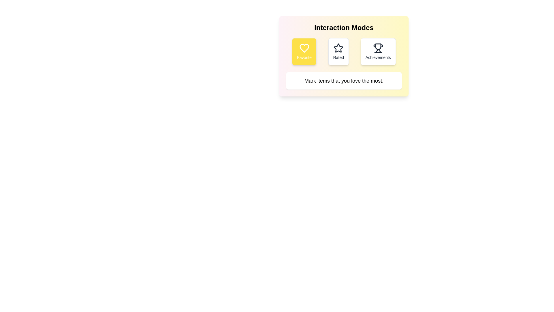 This screenshot has height=312, width=554. What do you see at coordinates (304, 51) in the screenshot?
I see `the Favorite button to select the corresponding mode` at bounding box center [304, 51].